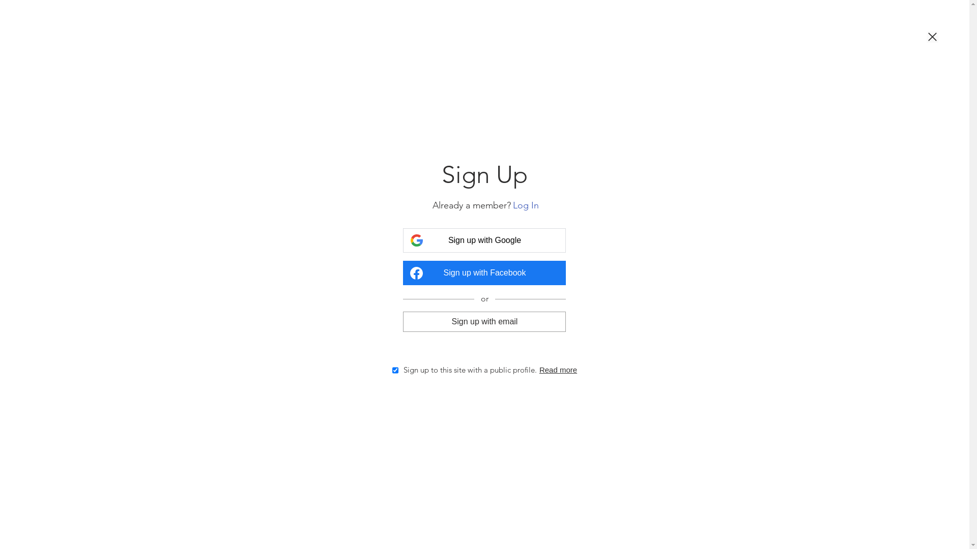  I want to click on 'Sign up with Facebook', so click(483, 272).